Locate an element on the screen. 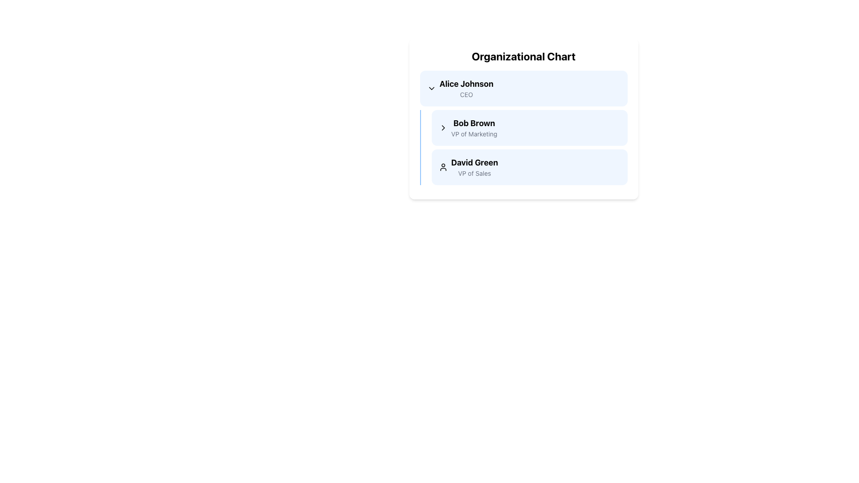  the 'CEO' text label displayed in a small, gray font, which is positioned directly underneath 'Alice Johnson' in the first card of the vertical organizational chart is located at coordinates (466, 95).